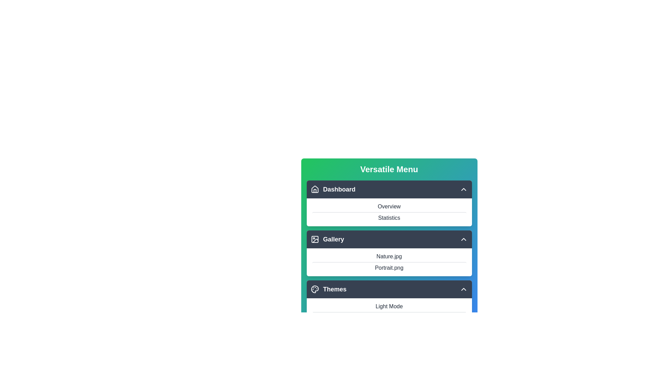 Image resolution: width=661 pixels, height=372 pixels. What do you see at coordinates (314, 239) in the screenshot?
I see `the icon next to the section title Gallery to toggle its visibility` at bounding box center [314, 239].